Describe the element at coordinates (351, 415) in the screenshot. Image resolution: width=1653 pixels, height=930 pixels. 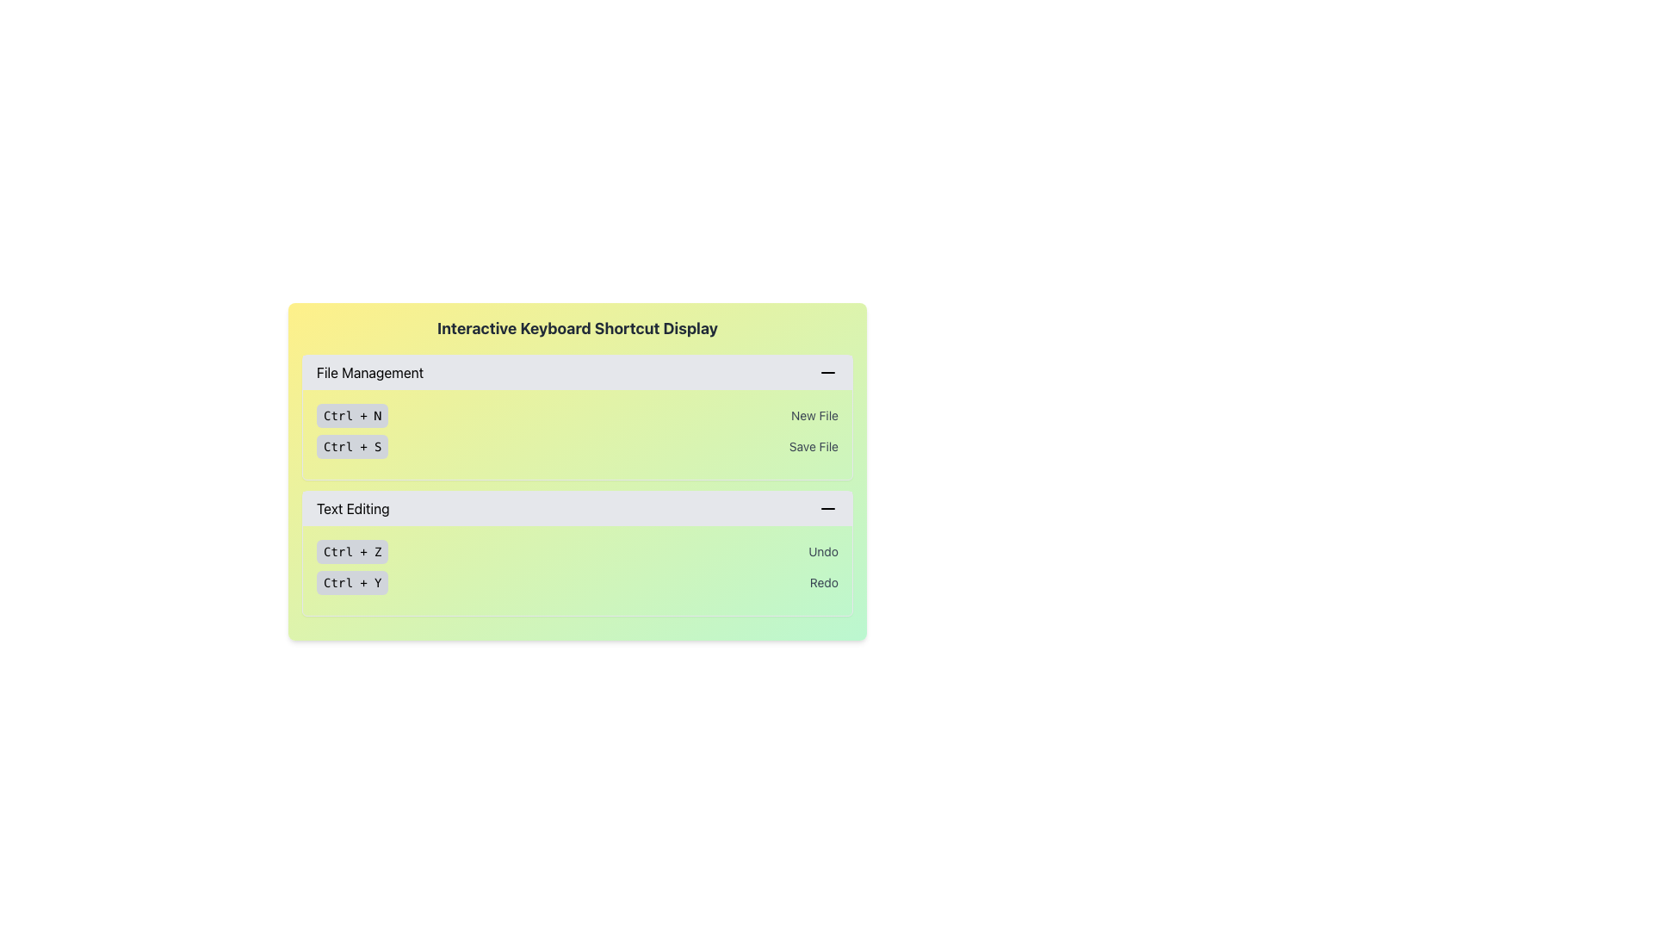
I see `the small button-like component displaying the text 'Ctrl + N' located in the 'File Management' section of the keyboard shortcut display interface` at that location.